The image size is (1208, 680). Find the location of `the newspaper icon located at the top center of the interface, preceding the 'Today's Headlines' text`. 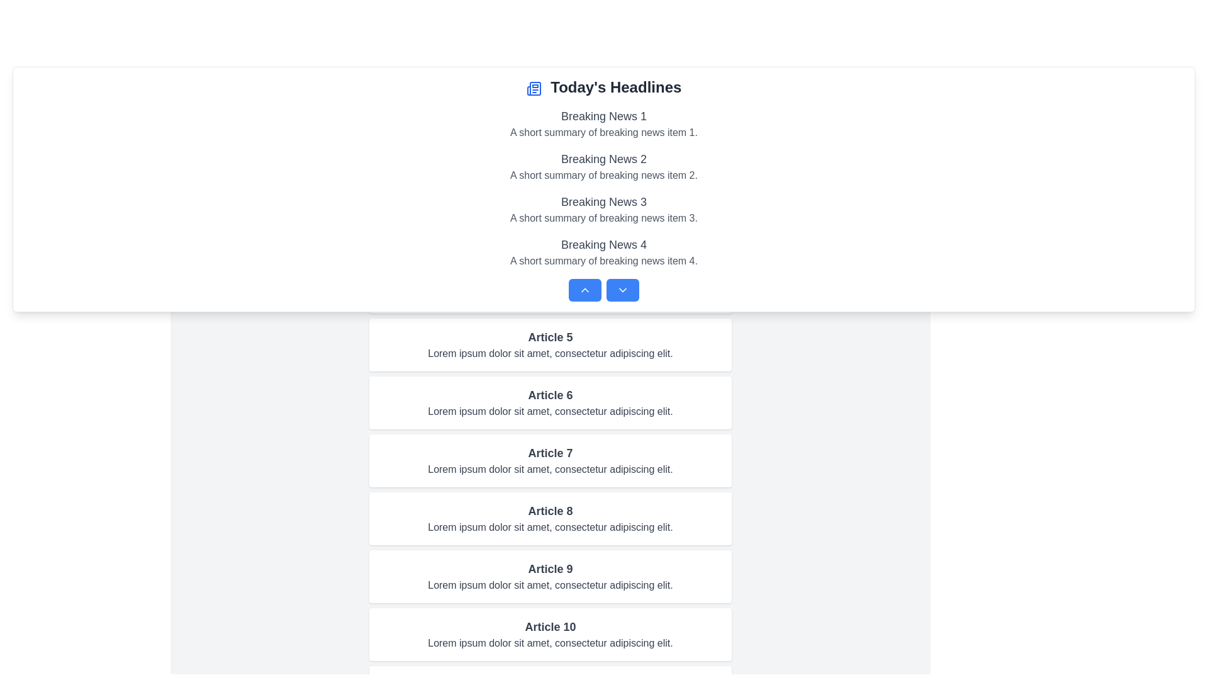

the newspaper icon located at the top center of the interface, preceding the 'Today's Headlines' text is located at coordinates (534, 88).